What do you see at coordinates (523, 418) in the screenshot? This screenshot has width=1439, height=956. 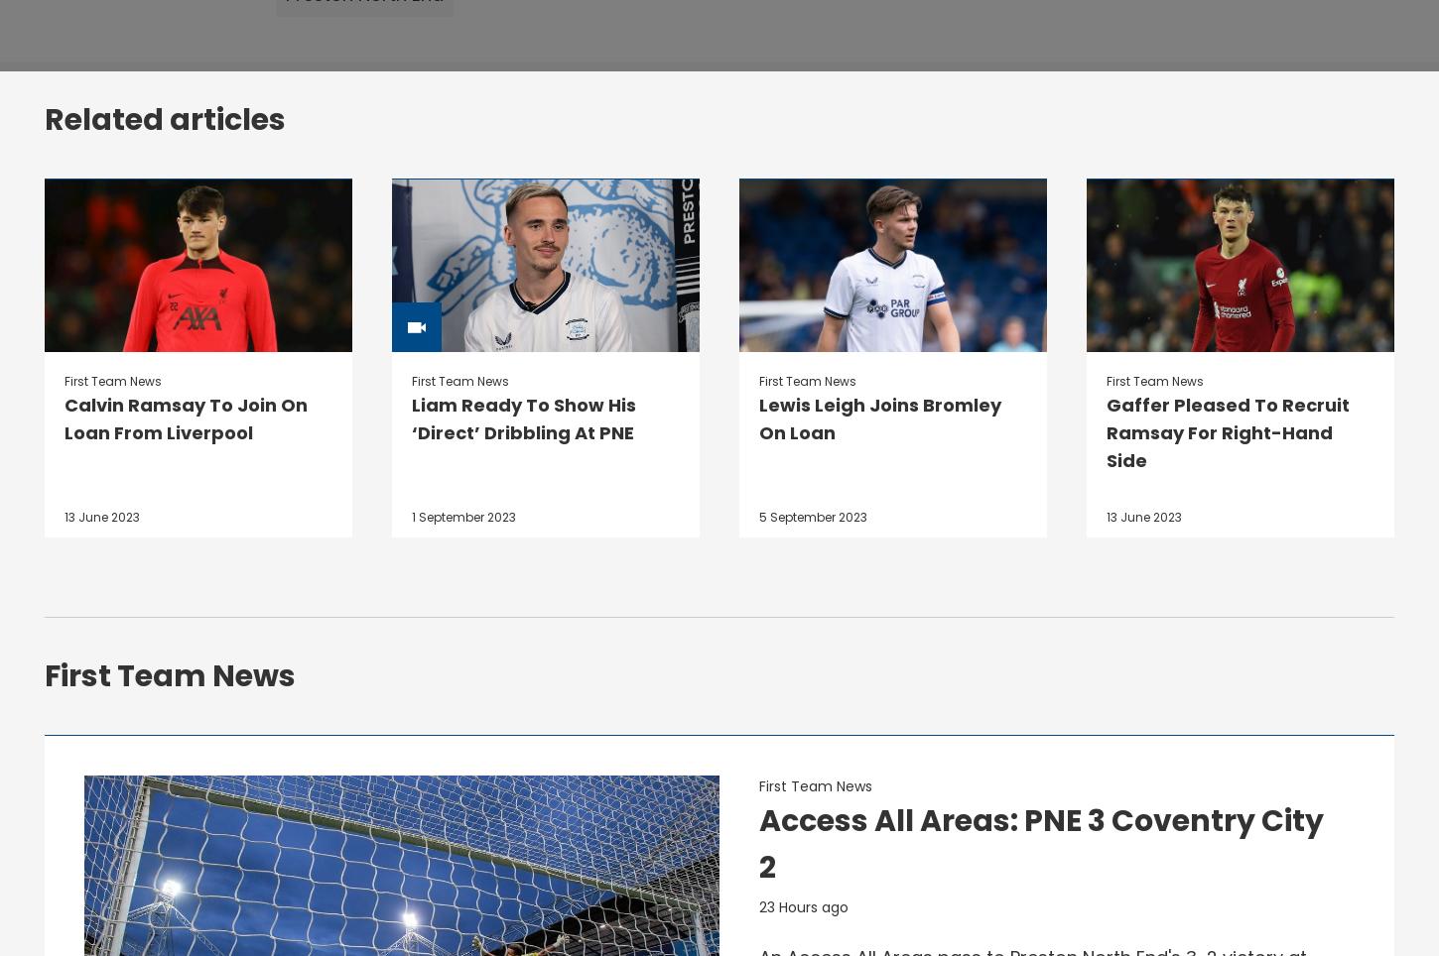 I see `'Liam Ready To Show His ‘Direct’ Dribbling At PNE'` at bounding box center [523, 418].